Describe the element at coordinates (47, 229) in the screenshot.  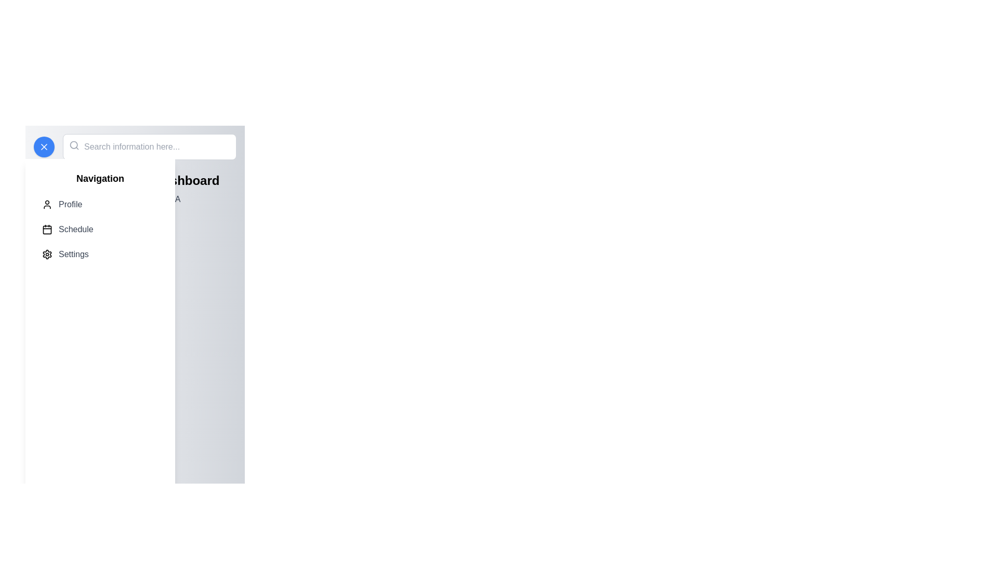
I see `the 'Schedule' SVG icon located to the left of the 'Schedule' text in the navigation menu` at that location.